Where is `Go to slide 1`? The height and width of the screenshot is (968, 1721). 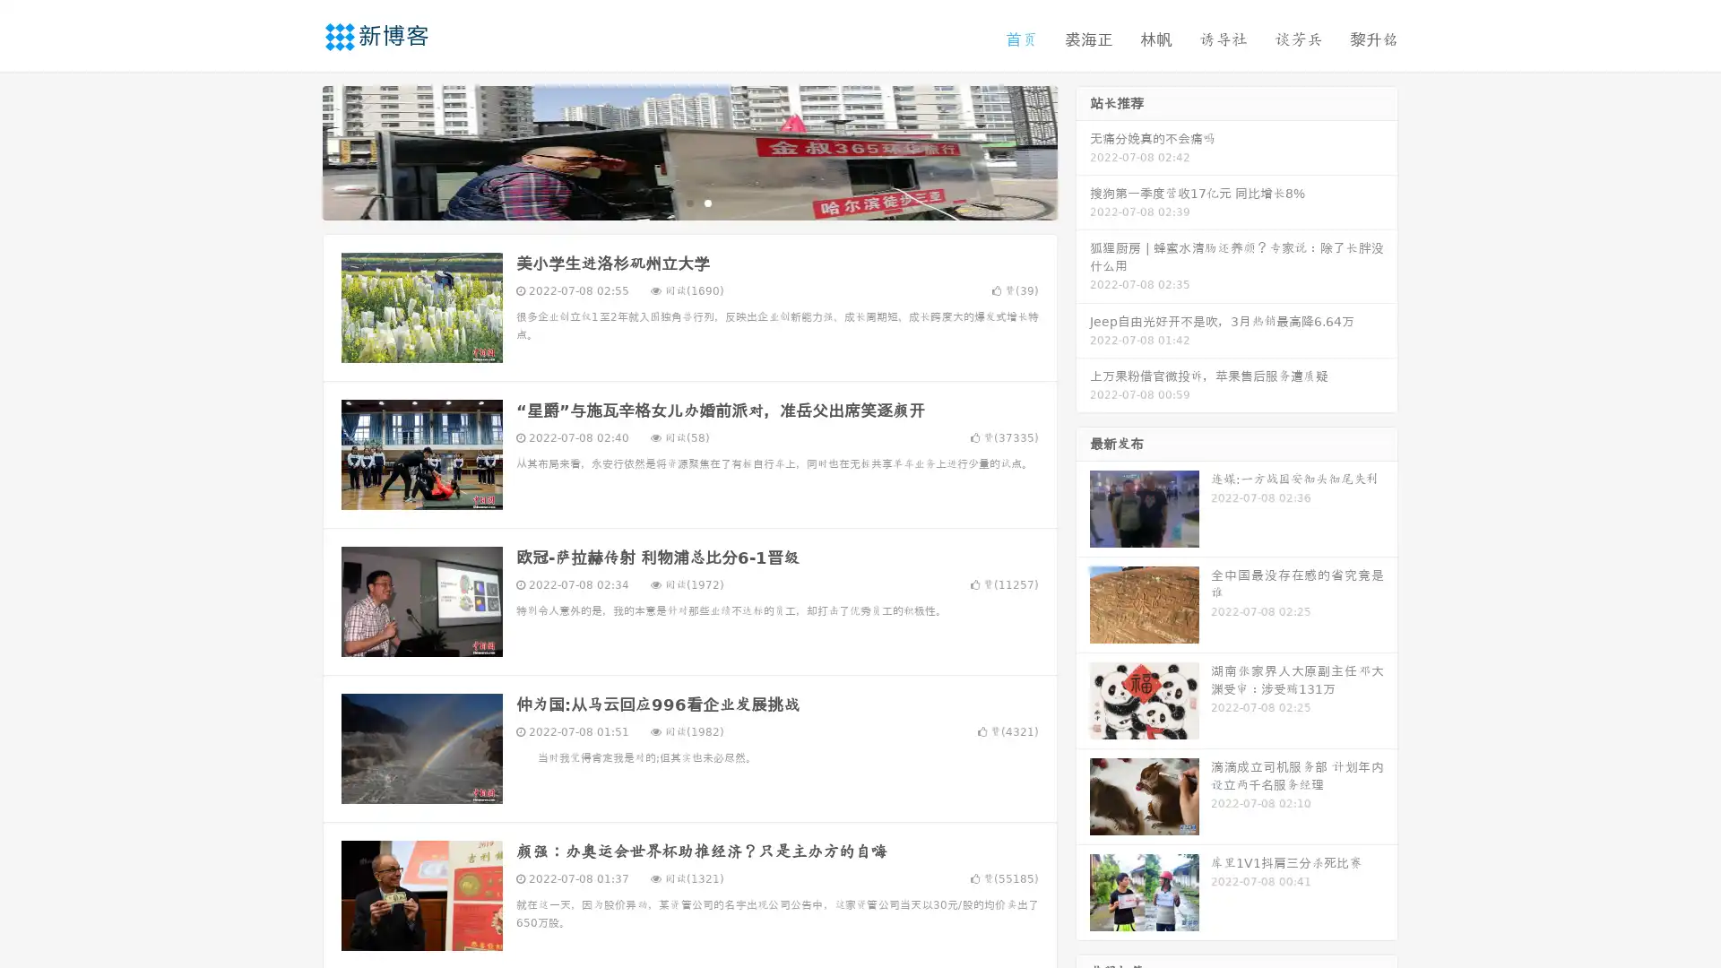 Go to slide 1 is located at coordinates (670, 202).